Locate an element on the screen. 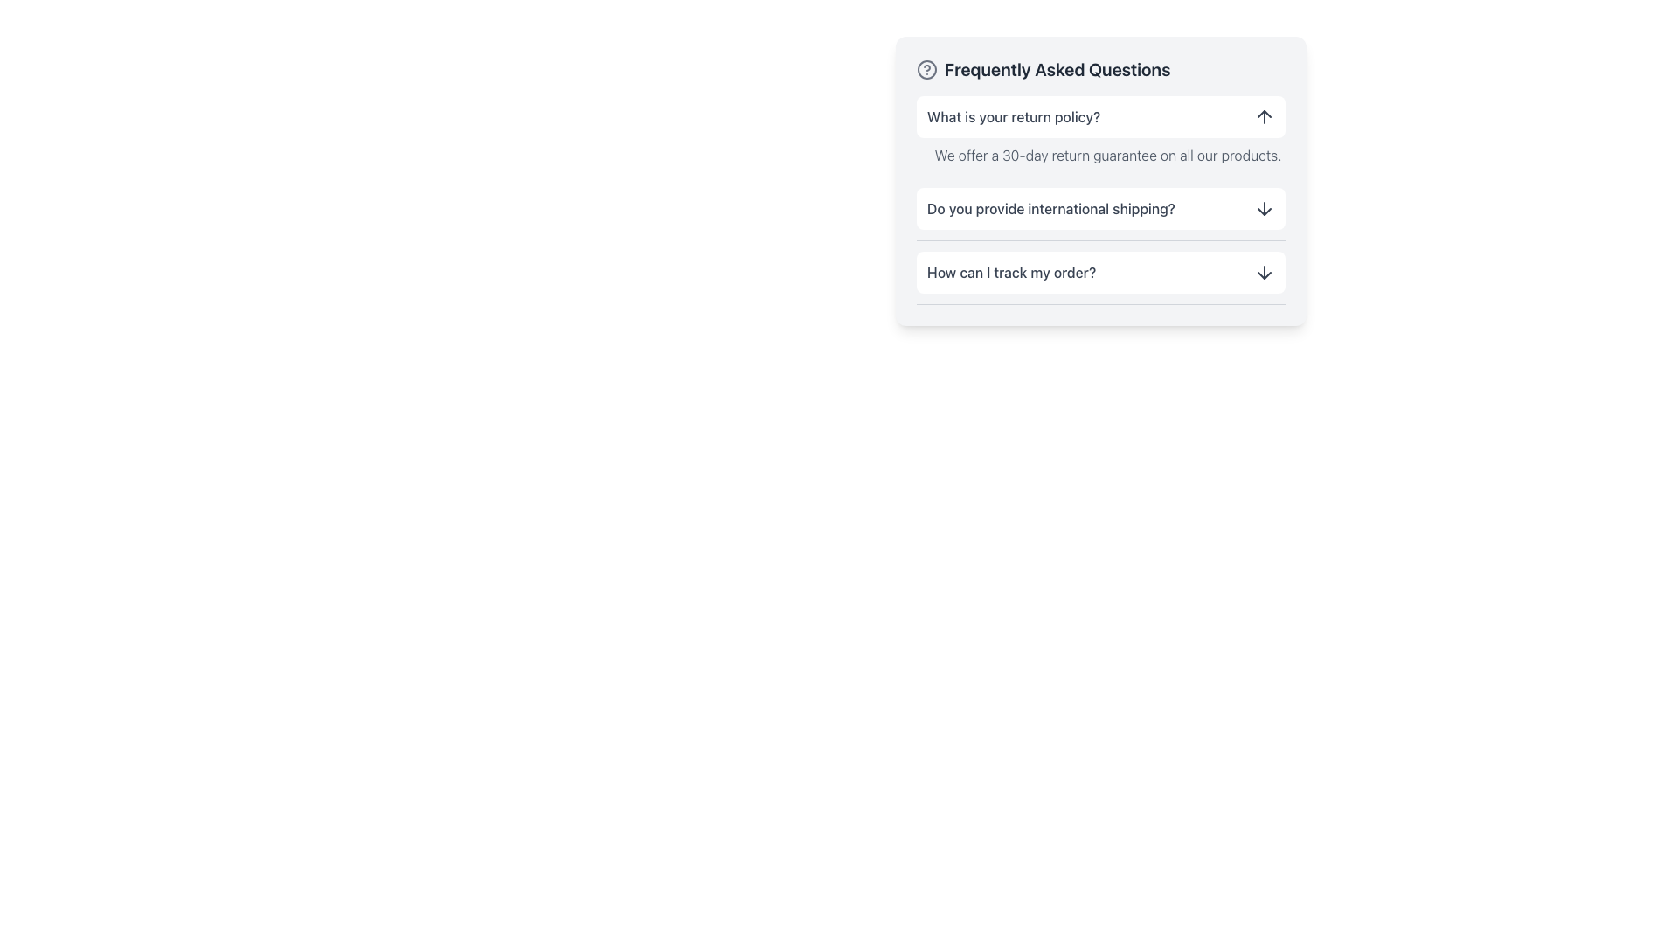 The height and width of the screenshot is (944, 1678). the small upward-pointing arrow icon located to the far right of the text 'What is your return policy?' in the top question item of the collapsible FAQ list is located at coordinates (1264, 117).